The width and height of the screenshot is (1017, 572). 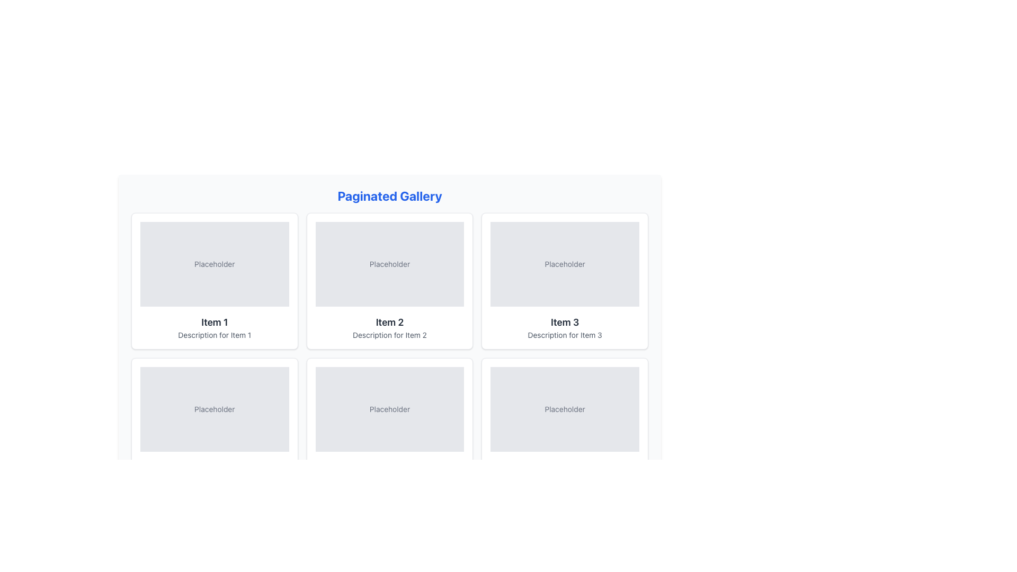 What do you see at coordinates (564, 281) in the screenshot?
I see `the third card in the grid layout` at bounding box center [564, 281].